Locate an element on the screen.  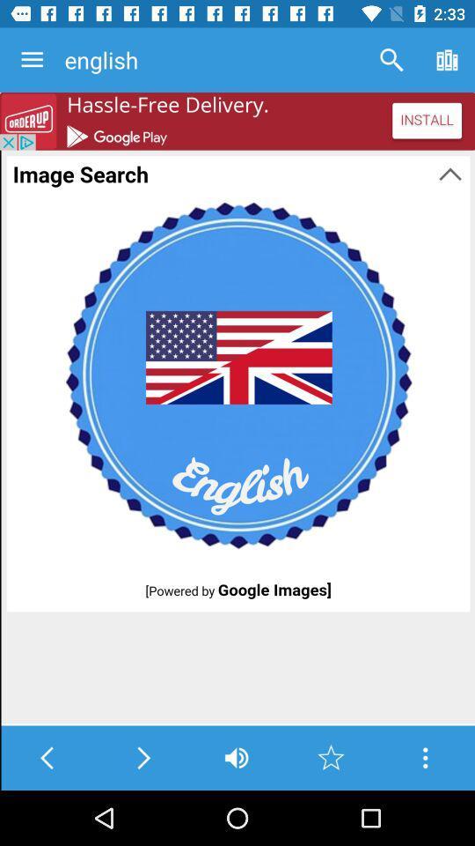
previous is located at coordinates (47, 757).